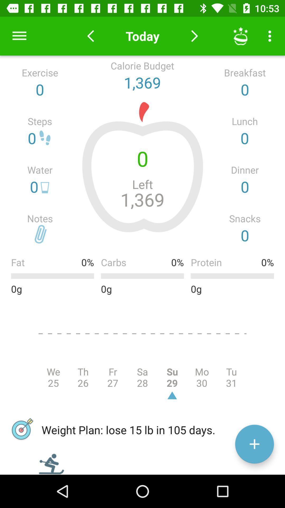 This screenshot has width=285, height=508. Describe the element at coordinates (194, 36) in the screenshot. I see `to to next day` at that location.